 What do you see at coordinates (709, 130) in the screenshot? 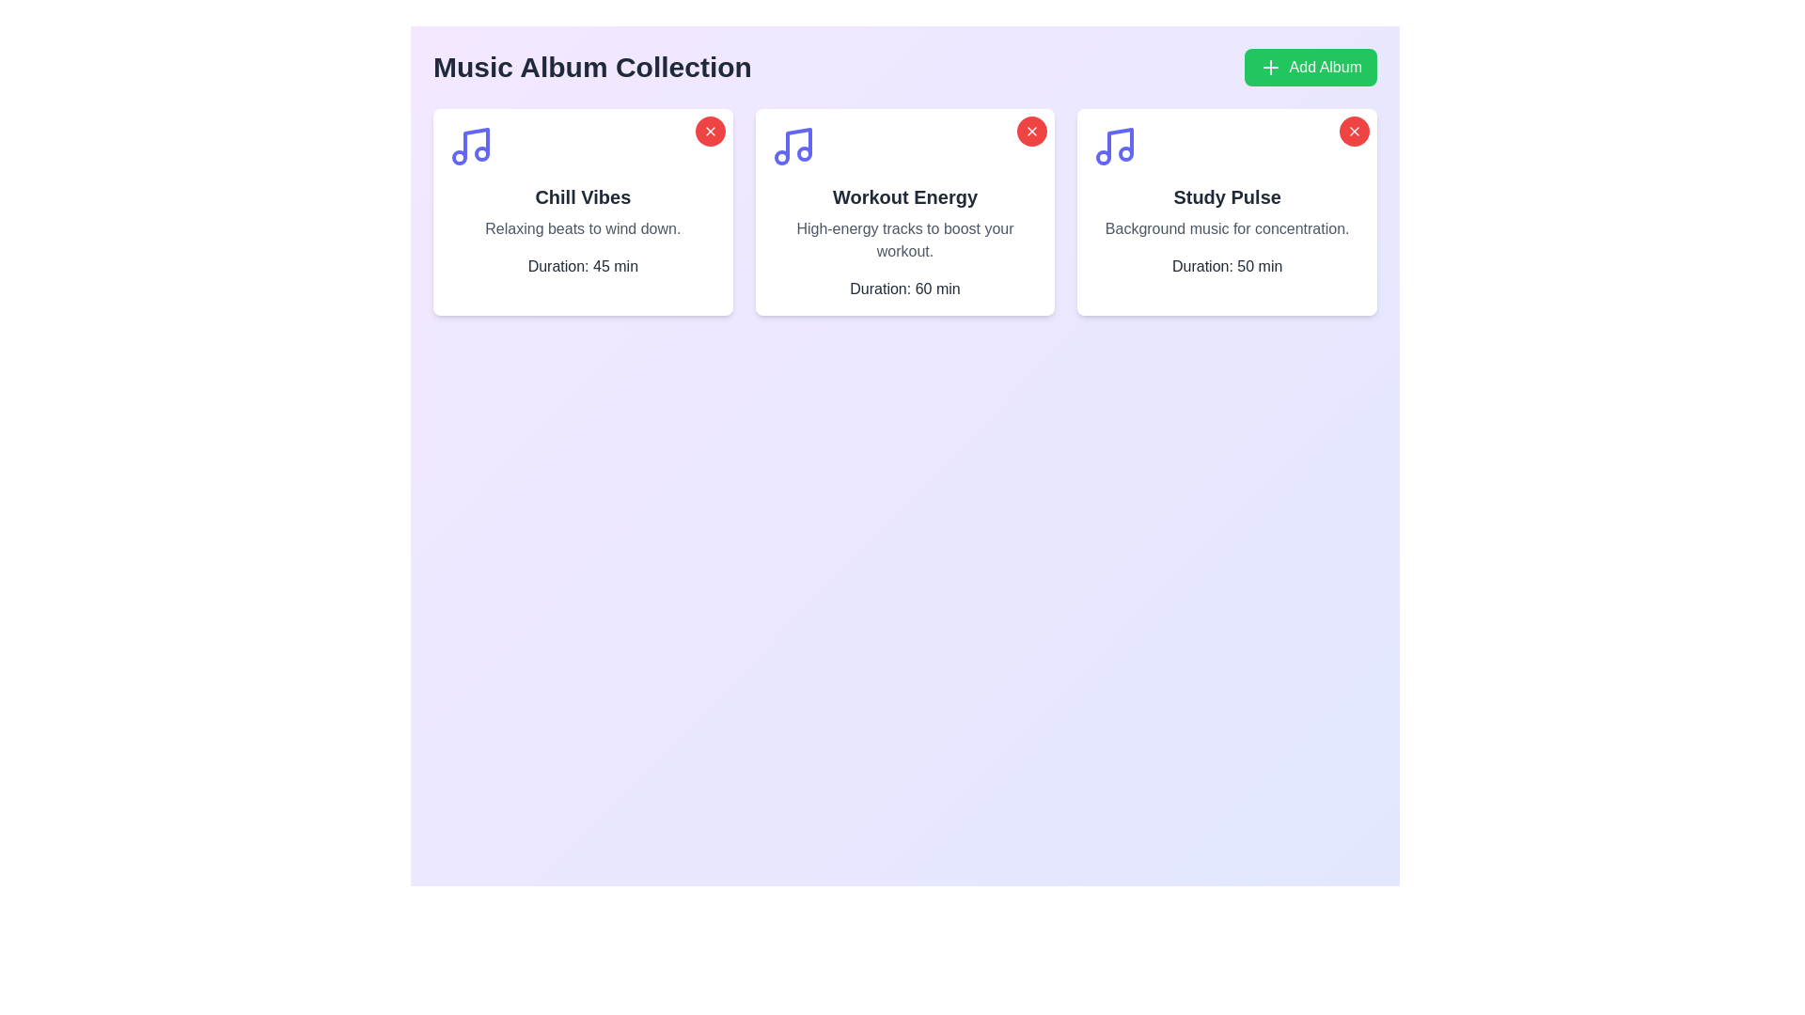
I see `the close button in the upper-right corner of the 'Chill Vibes' album card to trigger the removal action` at bounding box center [709, 130].